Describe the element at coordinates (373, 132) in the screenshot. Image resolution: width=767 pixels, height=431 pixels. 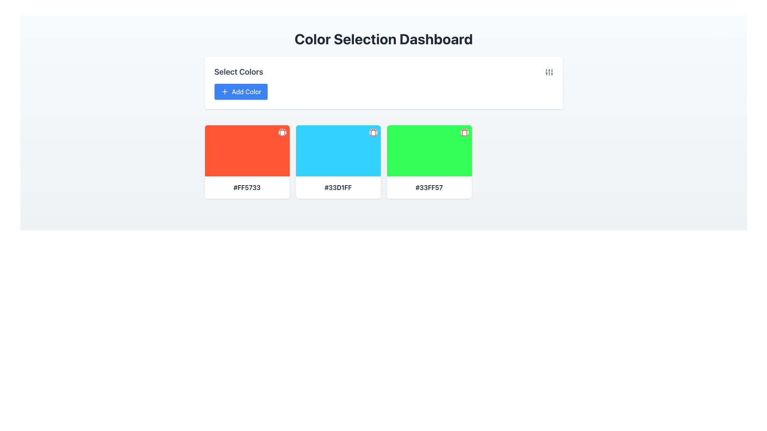
I see `the trash can icon button, which is styled with a white background and red color, located at the top-right corner of the second card under the 'Select Colors' header` at that location.